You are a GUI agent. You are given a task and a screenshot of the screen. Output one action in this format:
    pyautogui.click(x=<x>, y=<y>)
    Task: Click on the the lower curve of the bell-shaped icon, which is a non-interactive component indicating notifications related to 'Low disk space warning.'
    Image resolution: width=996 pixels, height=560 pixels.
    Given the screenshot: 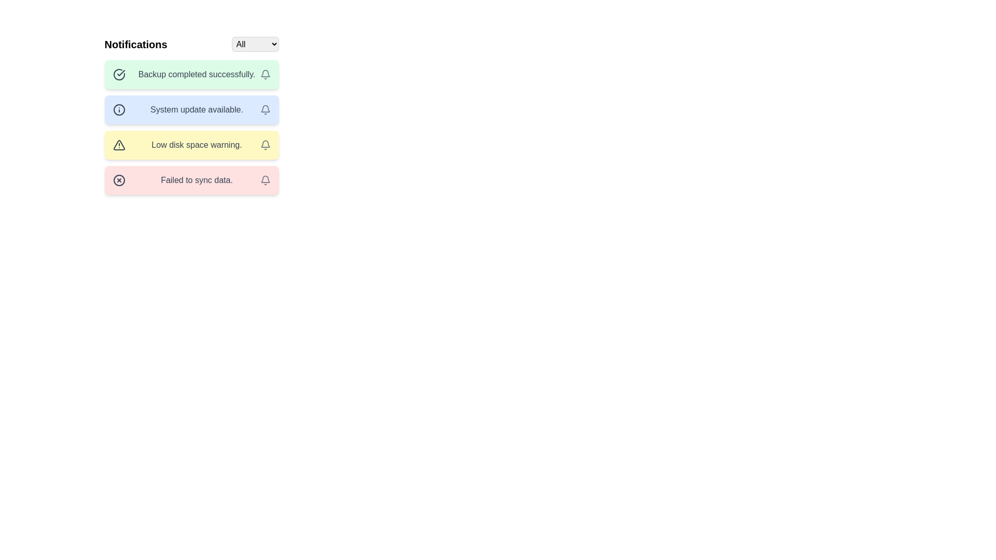 What is the action you would take?
    pyautogui.click(x=265, y=178)
    